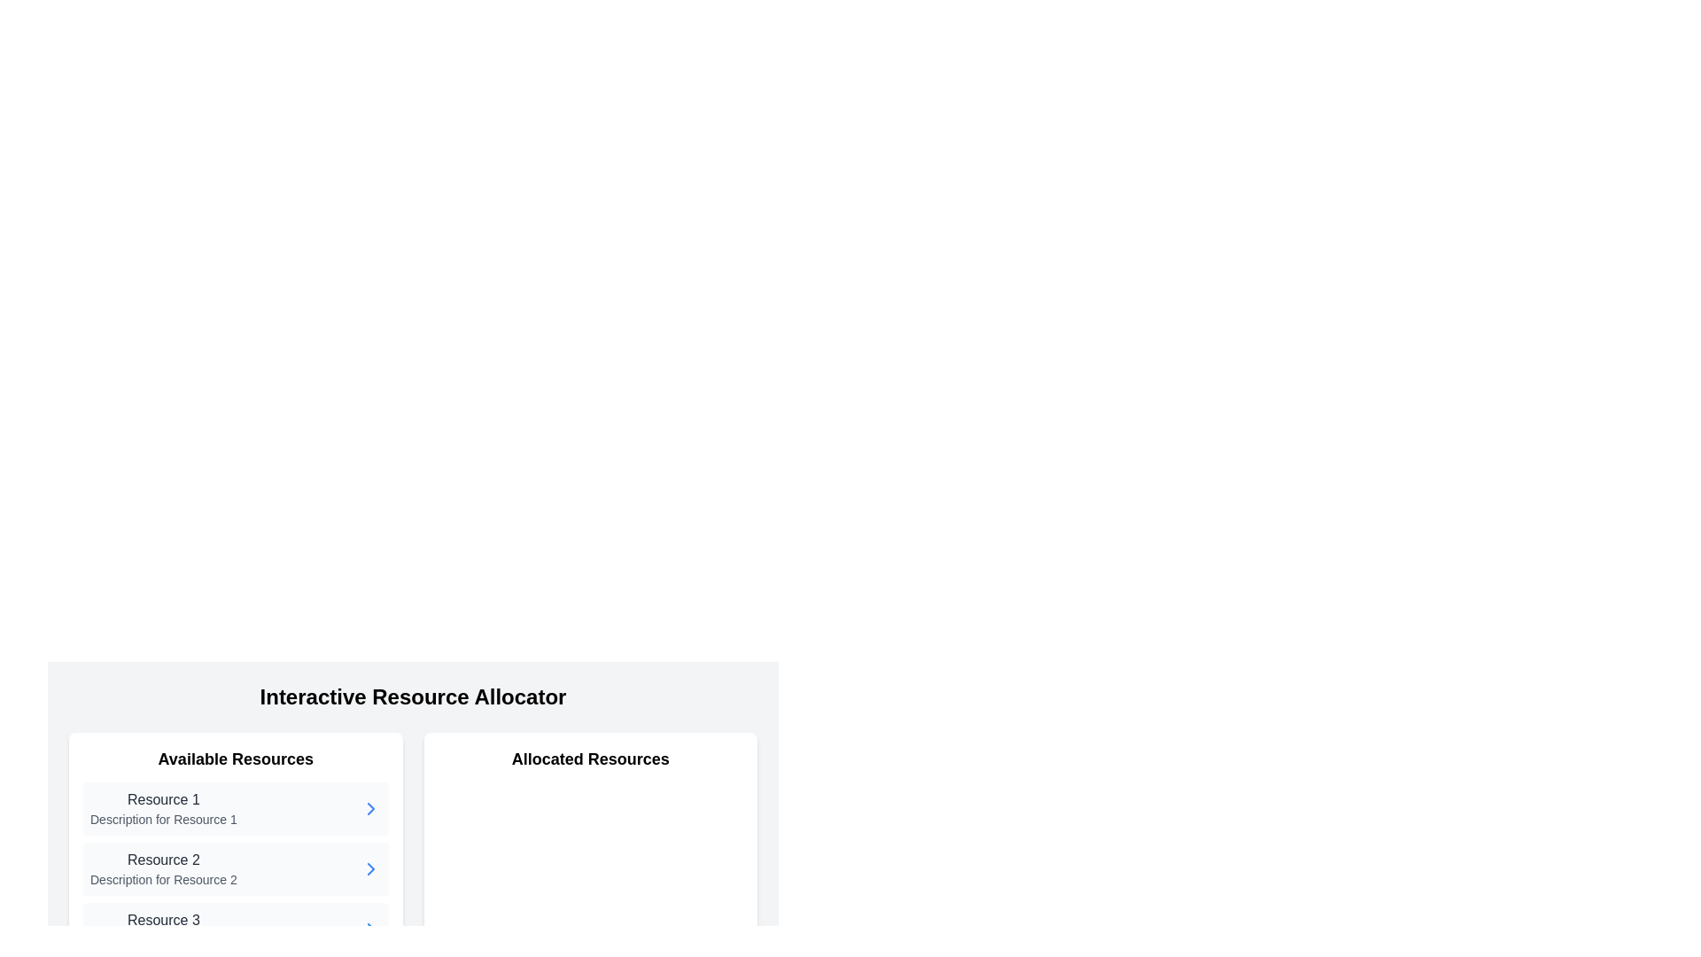  What do you see at coordinates (369, 868) in the screenshot?
I see `the rightward chevron arrow icon in the 'Resource 2' row of the 'Available Resources' section` at bounding box center [369, 868].